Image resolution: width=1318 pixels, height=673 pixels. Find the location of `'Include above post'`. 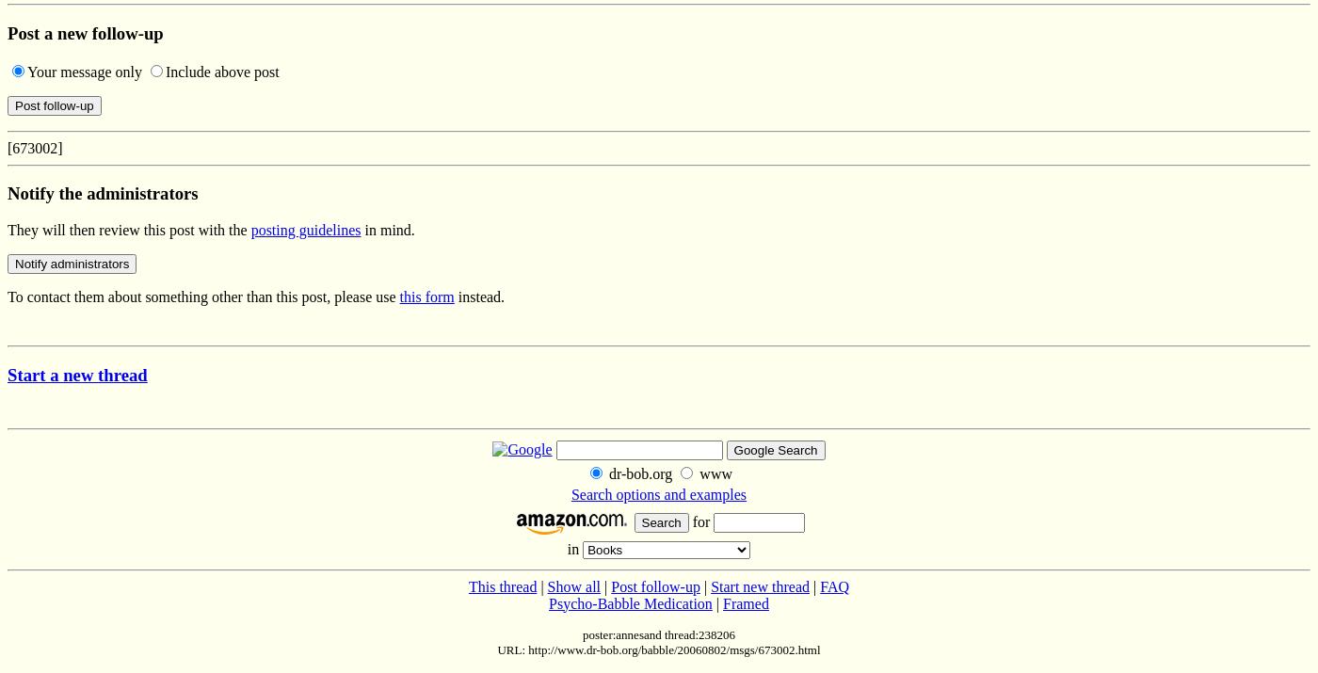

'Include above post' is located at coordinates (220, 71).